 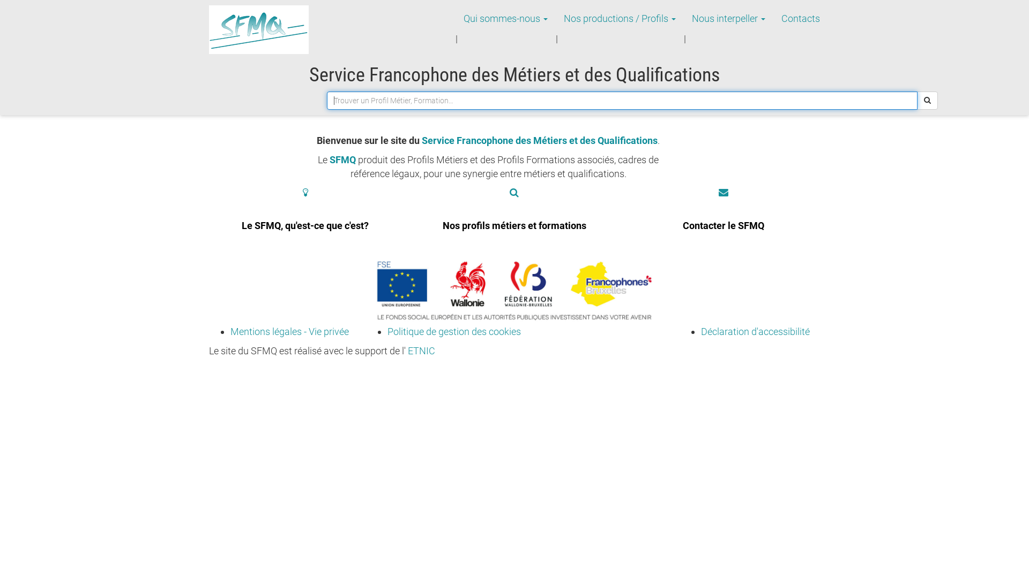 I want to click on '  Le SFMQ, qu'est-ce que c'est?, so click(x=305, y=218).